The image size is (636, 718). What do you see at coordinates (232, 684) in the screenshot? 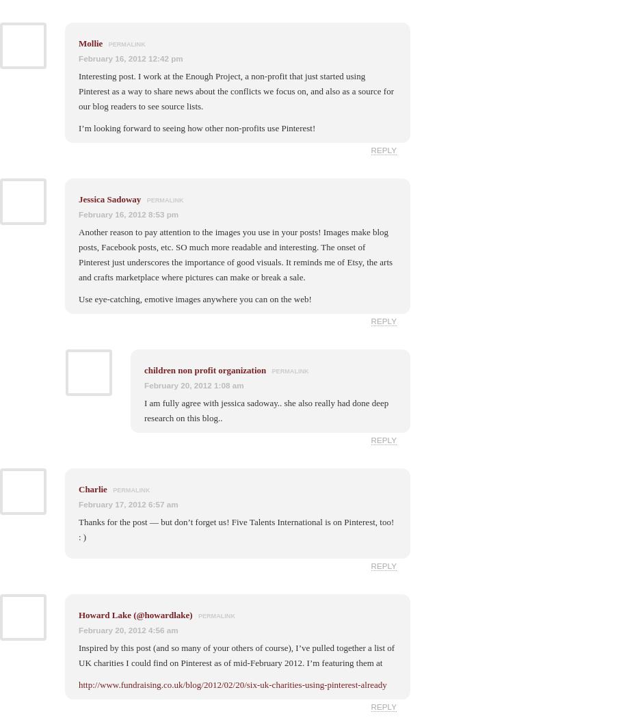
I see `'http://www.fundraising.co.uk/blog/2012/02/20/six-uk-charities-using-pinterest-already'` at bounding box center [232, 684].